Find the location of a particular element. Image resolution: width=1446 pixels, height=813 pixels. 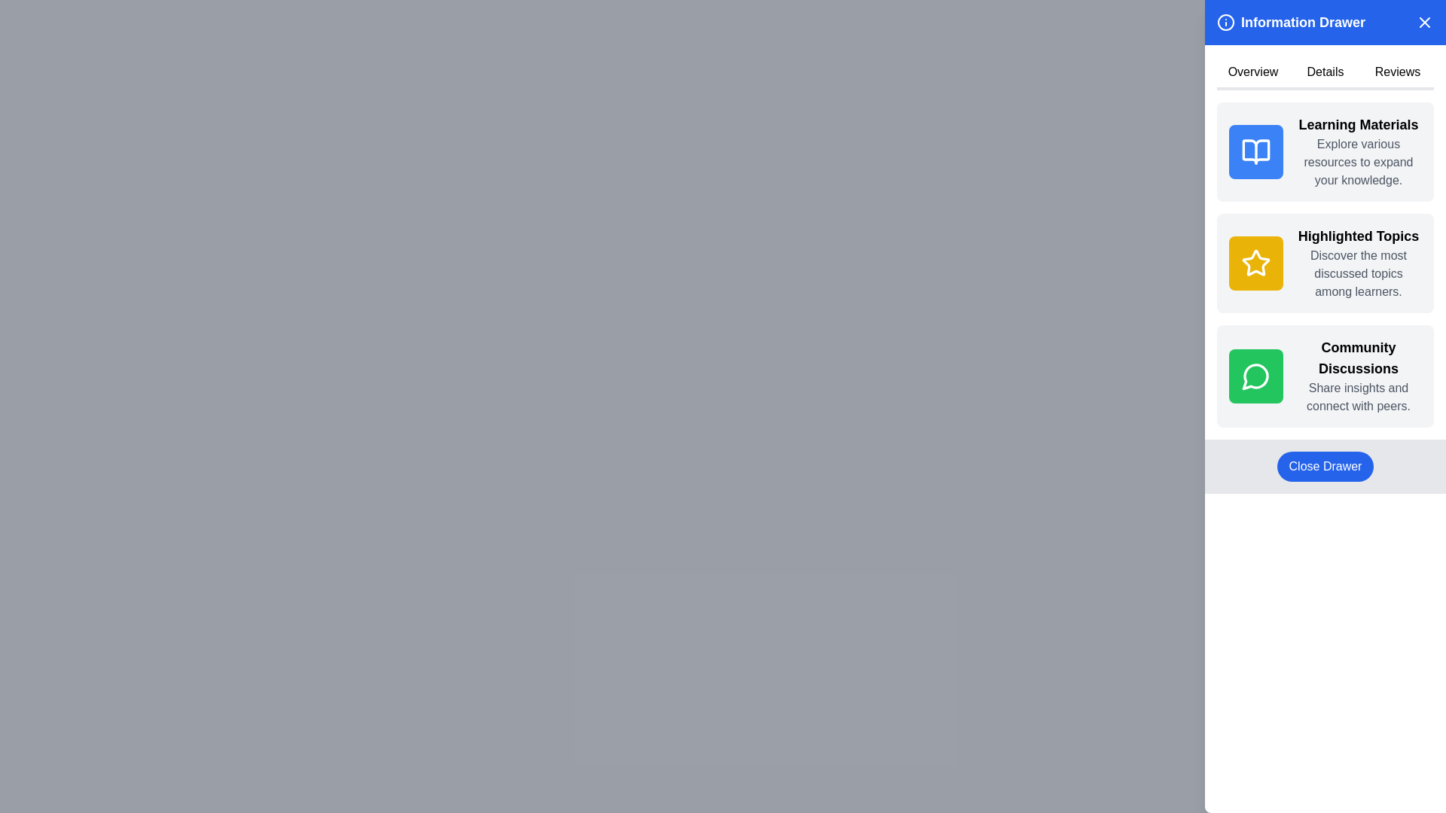

header text 'Information Drawer' located at the top of the sidebar, which is styled in bold font and has an informational icon on its left, within a blue background header area is located at coordinates (1290, 23).